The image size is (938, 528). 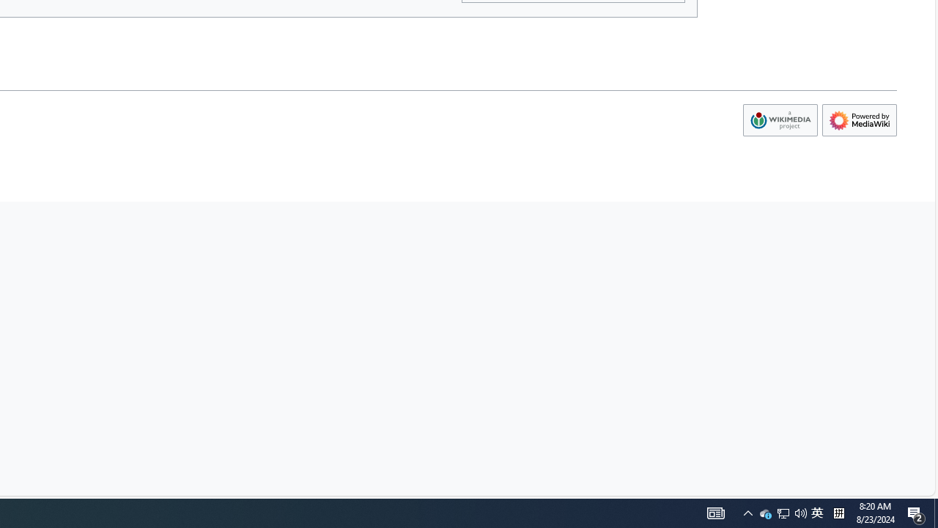 I want to click on 'Powered by MediaWiki', so click(x=860, y=120).